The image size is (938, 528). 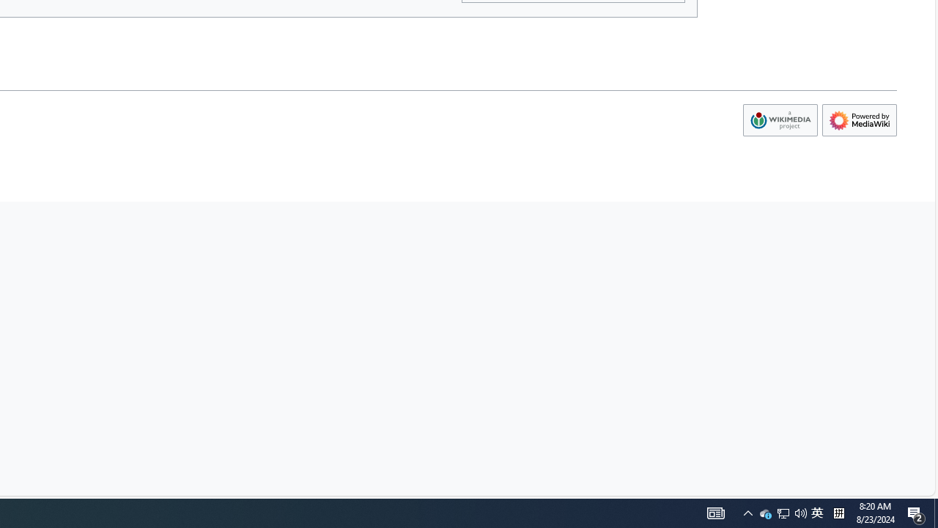 I want to click on 'Powered by MediaWiki', so click(x=860, y=120).